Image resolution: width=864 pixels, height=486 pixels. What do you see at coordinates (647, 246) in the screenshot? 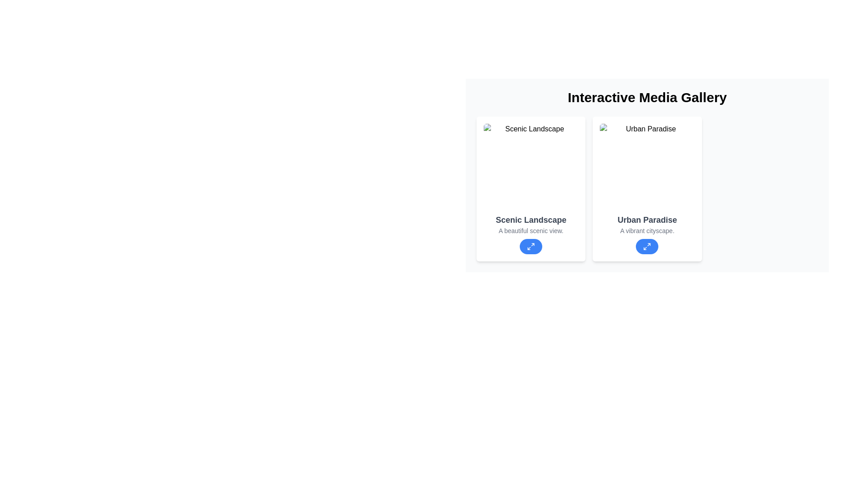
I see `the blue circular button with white arrows forming a diagonal double-ended arrow symbol in the bottom-right corner of the 'Urban Paradise' card to maximize or expand the view` at bounding box center [647, 246].